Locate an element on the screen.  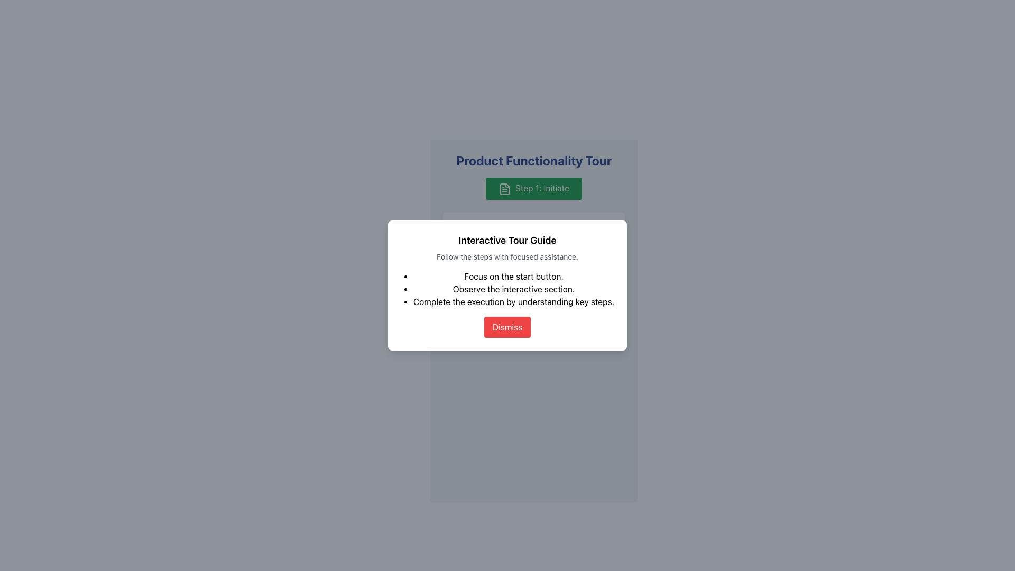
the dismiss button located at the bottom of the 'Interactive Tour Guide' dialog box is located at coordinates (508, 326).